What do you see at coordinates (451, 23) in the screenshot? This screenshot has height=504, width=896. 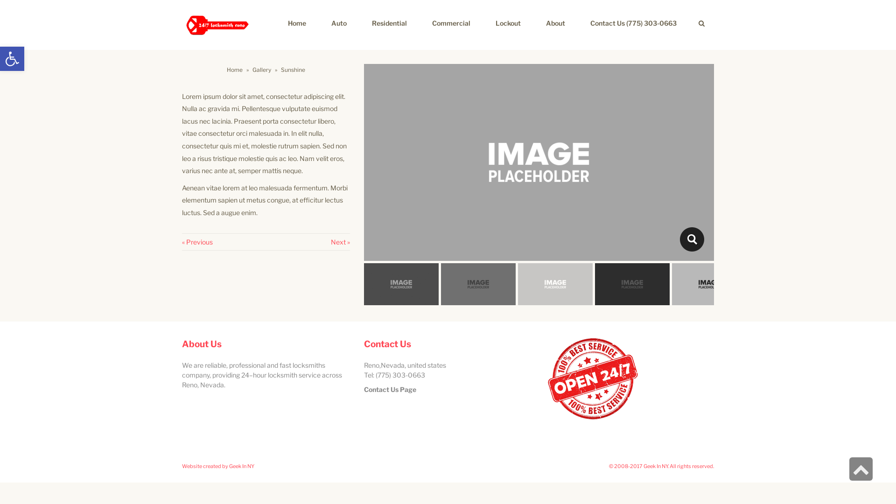 I see `'Commercial'` at bounding box center [451, 23].